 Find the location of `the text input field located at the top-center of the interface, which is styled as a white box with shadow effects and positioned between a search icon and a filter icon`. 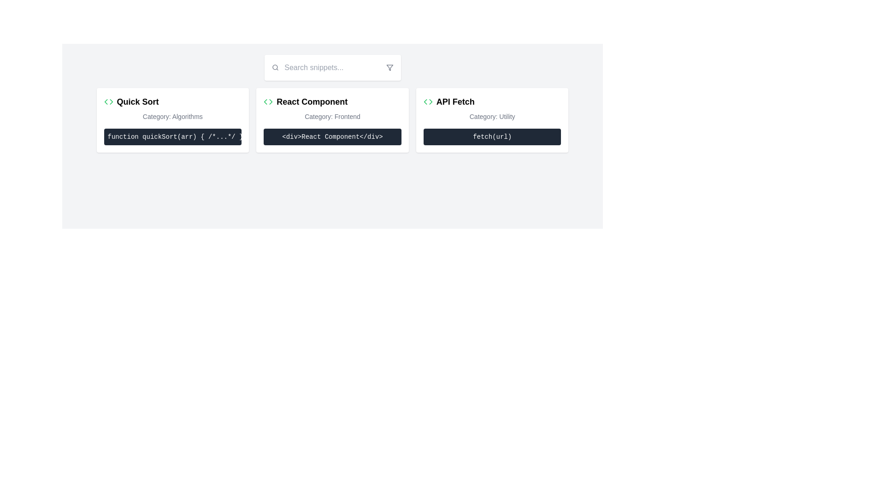

the text input field located at the top-center of the interface, which is styled as a white box with shadow effects and positioned between a search icon and a filter icon is located at coordinates (332, 67).